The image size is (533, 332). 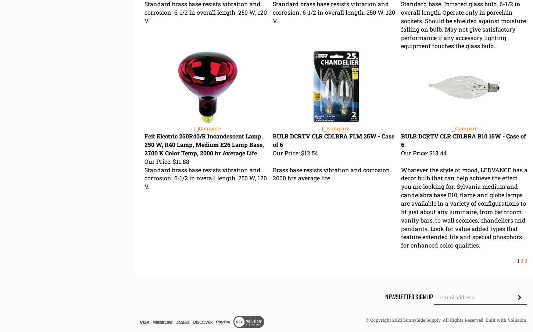 What do you see at coordinates (463, 140) in the screenshot?
I see `'BULB DCRTV CLR CDLBRA B10 15W - Case of 6'` at bounding box center [463, 140].